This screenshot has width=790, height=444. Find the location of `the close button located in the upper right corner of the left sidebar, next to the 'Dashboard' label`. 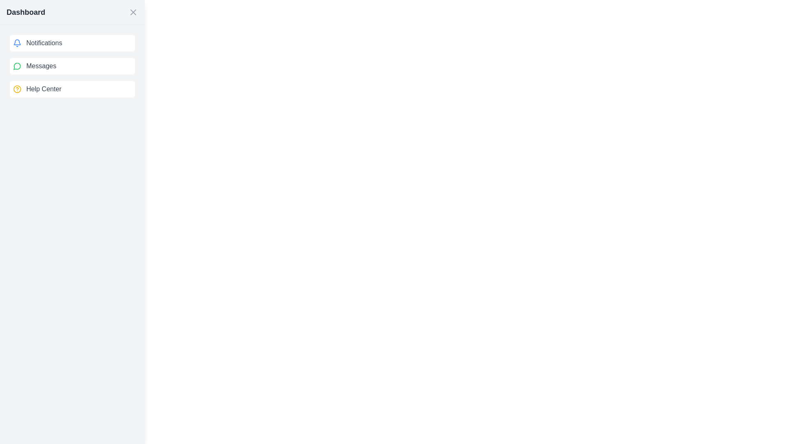

the close button located in the upper right corner of the left sidebar, next to the 'Dashboard' label is located at coordinates (133, 12).